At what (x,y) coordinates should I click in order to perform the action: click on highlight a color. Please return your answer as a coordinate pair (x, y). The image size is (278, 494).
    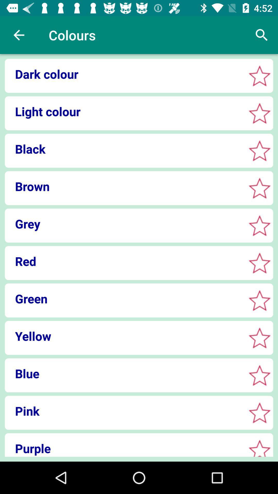
    Looking at the image, I should click on (259, 113).